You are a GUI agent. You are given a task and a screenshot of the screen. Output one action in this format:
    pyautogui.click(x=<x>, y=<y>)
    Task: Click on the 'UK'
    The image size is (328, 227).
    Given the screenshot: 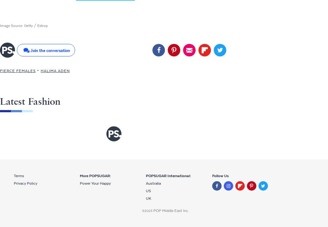 What is the action you would take?
    pyautogui.click(x=148, y=198)
    